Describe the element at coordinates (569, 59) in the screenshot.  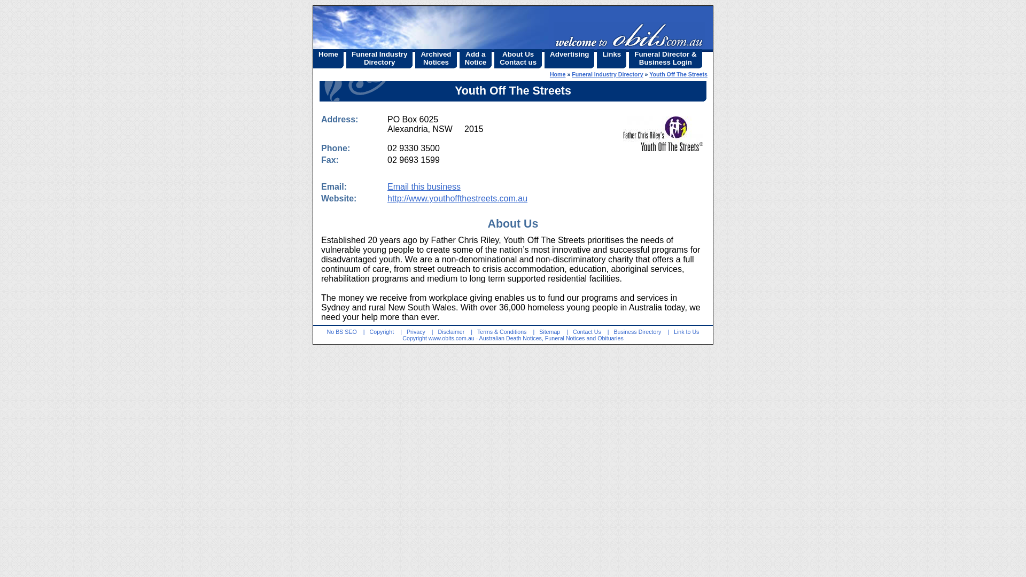
I see `'Advertising'` at that location.